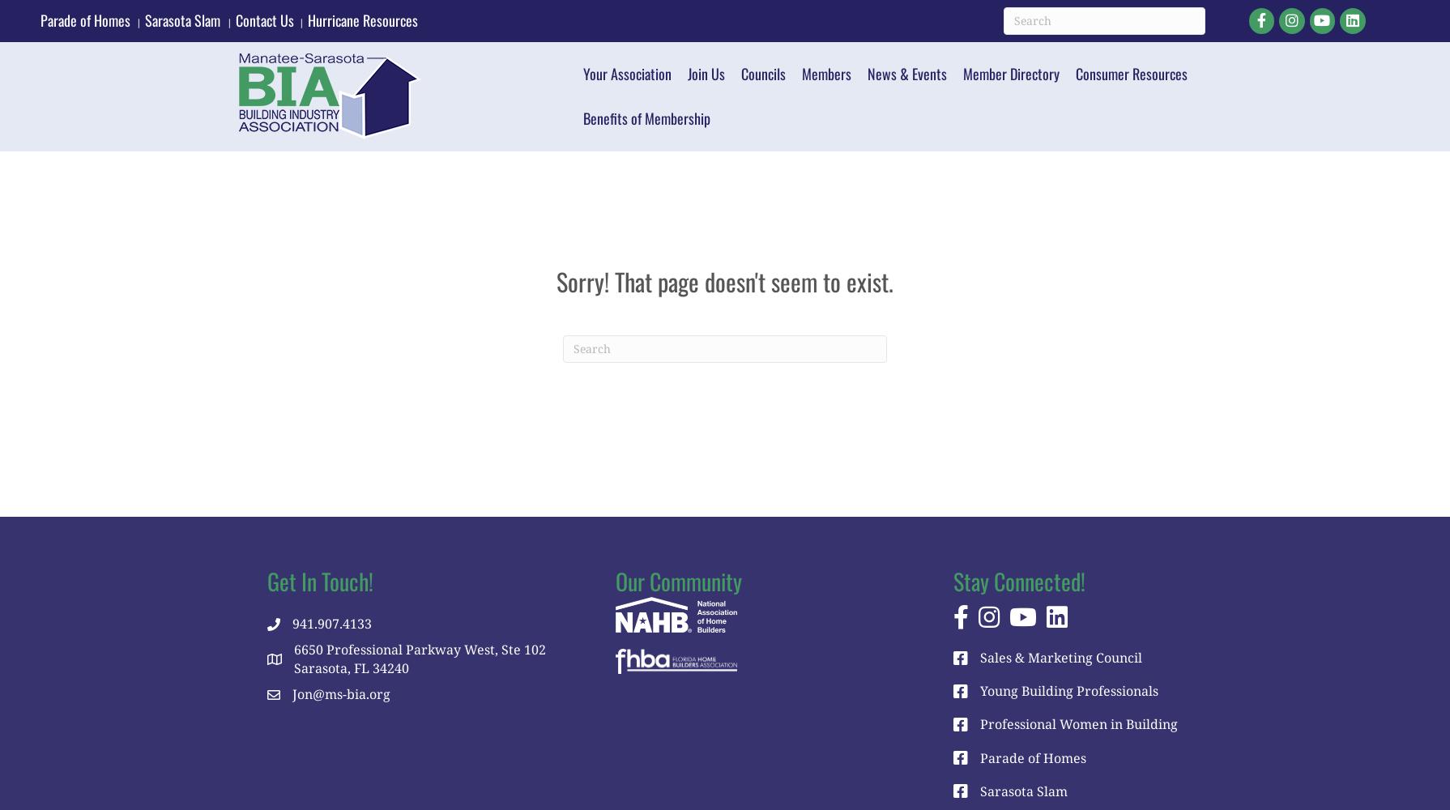 The height and width of the screenshot is (810, 1450). What do you see at coordinates (332, 624) in the screenshot?
I see `'941.907.4133'` at bounding box center [332, 624].